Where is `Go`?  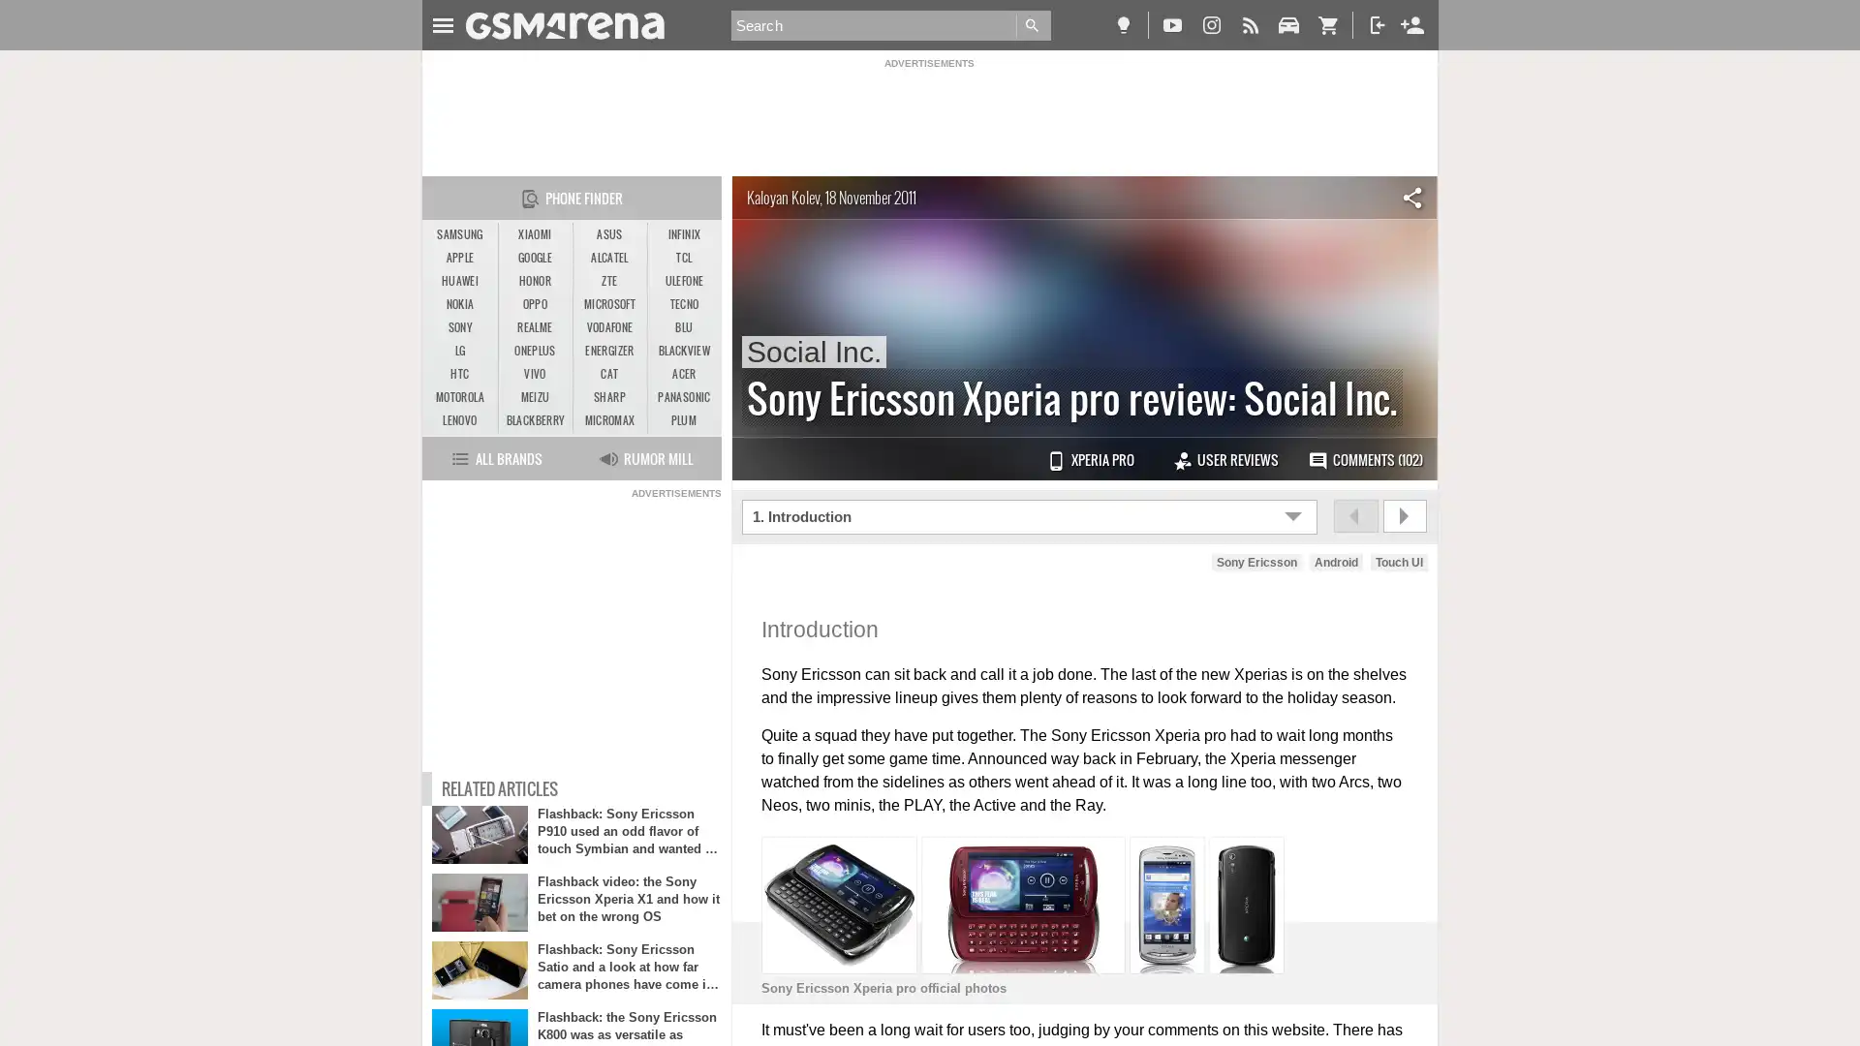
Go is located at coordinates (1032, 25).